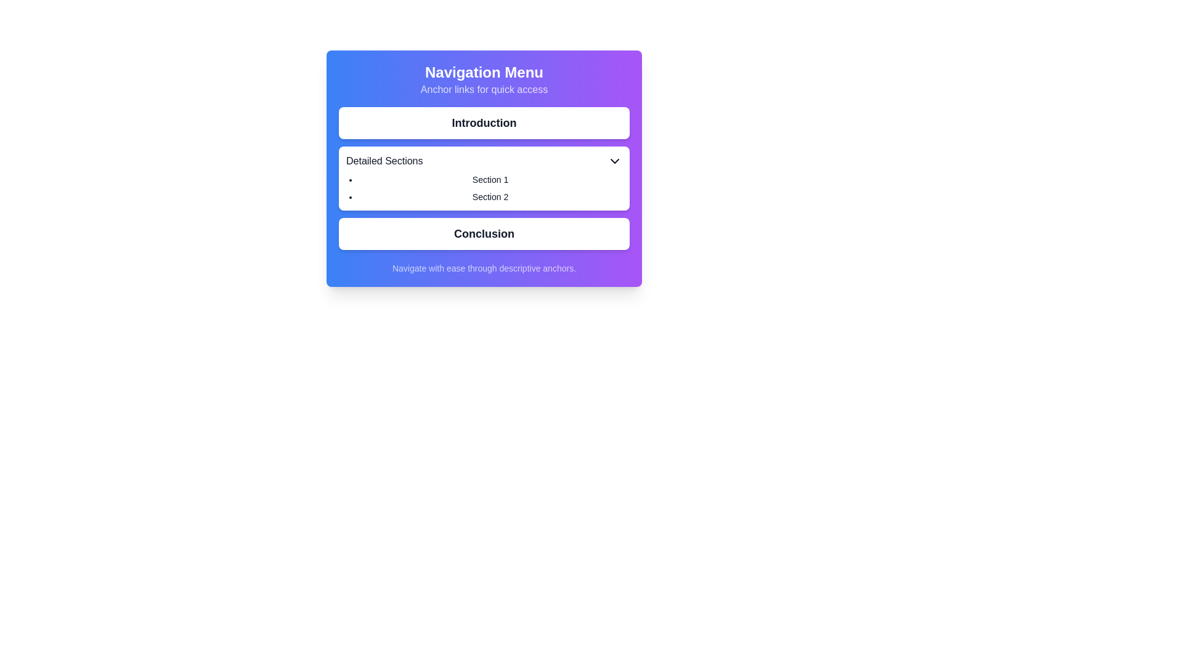 This screenshot has height=665, width=1183. What do you see at coordinates (490, 196) in the screenshot?
I see `the list item displaying 'Section 2' under the header 'Detailed Sections'` at bounding box center [490, 196].